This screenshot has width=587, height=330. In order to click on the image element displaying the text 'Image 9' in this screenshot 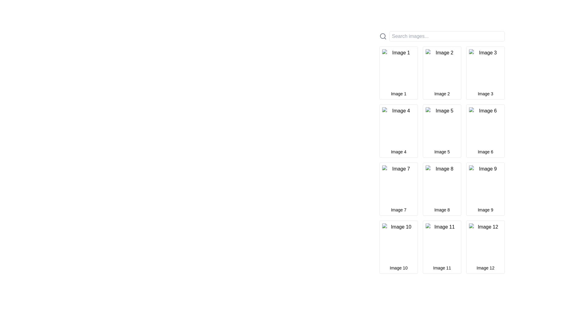, I will do `click(485, 185)`.